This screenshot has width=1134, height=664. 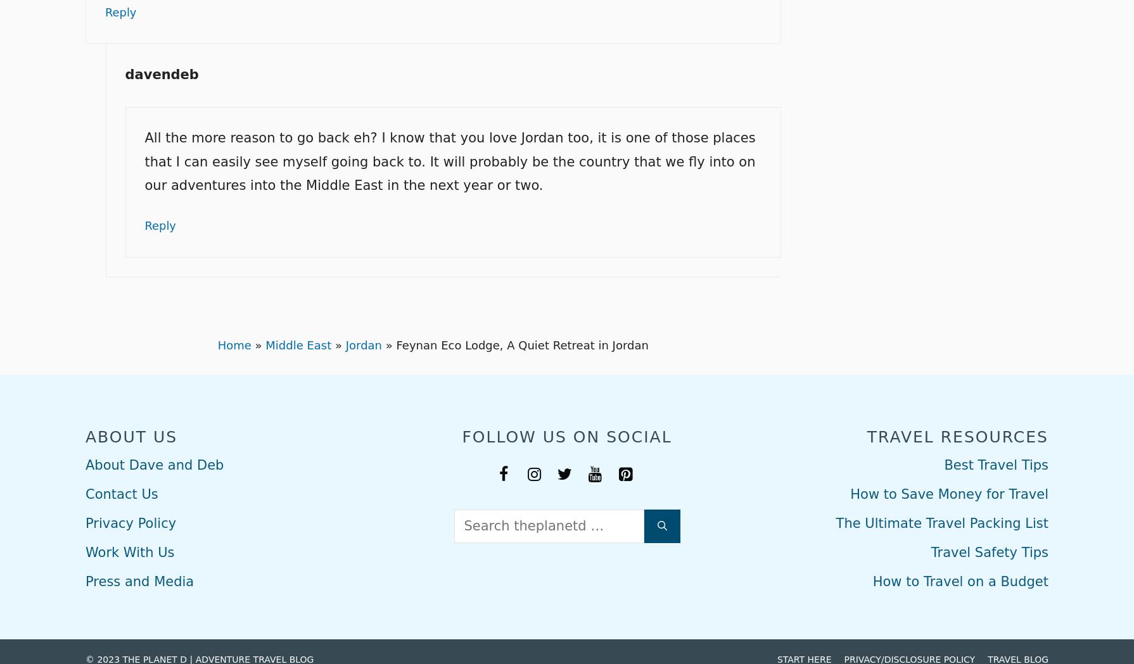 What do you see at coordinates (995, 462) in the screenshot?
I see `'Best Travel Tips'` at bounding box center [995, 462].